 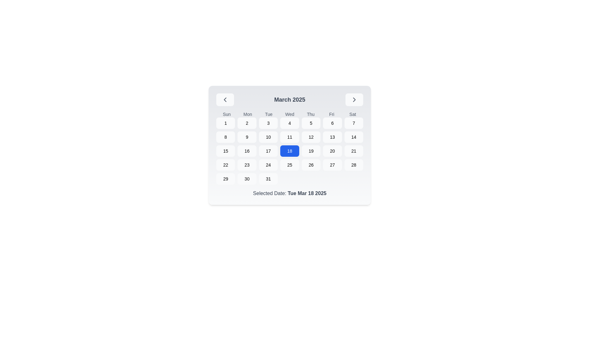 I want to click on the Calendar Date Button, which is a circular area containing the number '8' with a gray background that changes to blue on hover, located under the 'Sun' column in the second row of the calendar grid, so click(x=225, y=136).